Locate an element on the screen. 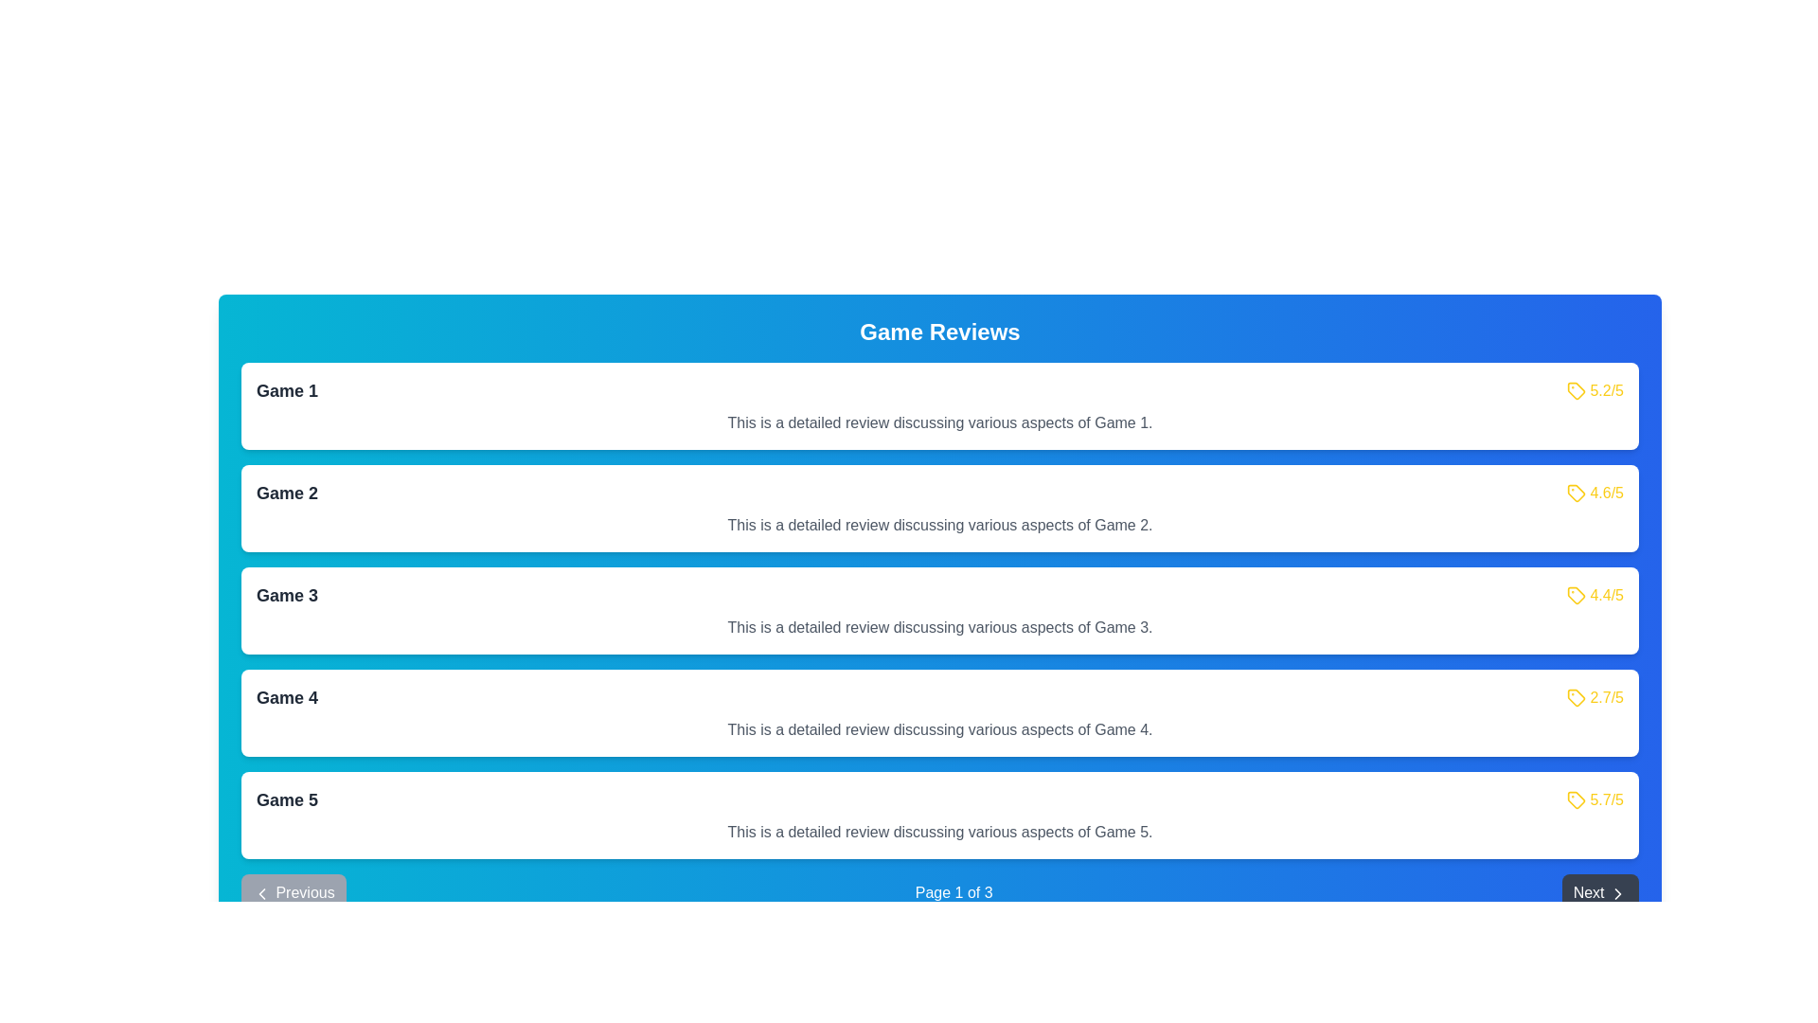 The height and width of the screenshot is (1023, 1818). the Text Label displaying '2.7/5' in yellow, located in the right corner of the fourth row of the review list is located at coordinates (1606, 697).